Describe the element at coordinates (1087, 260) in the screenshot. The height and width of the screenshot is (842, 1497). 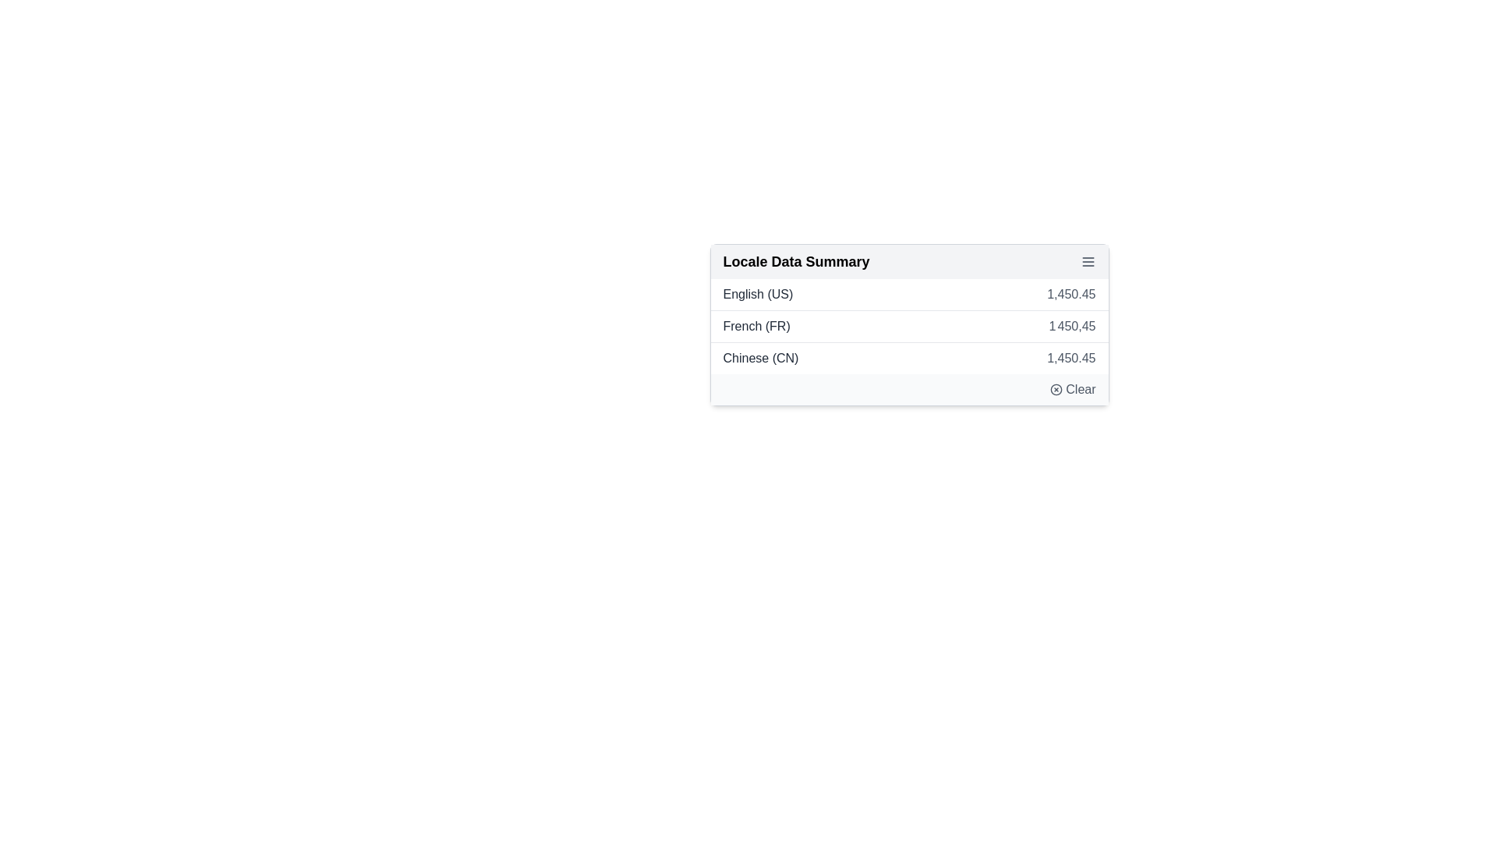
I see `the Icon Button located in the top right corner of the 'Locale Data Summary' header to interact and reveal additional options` at that location.